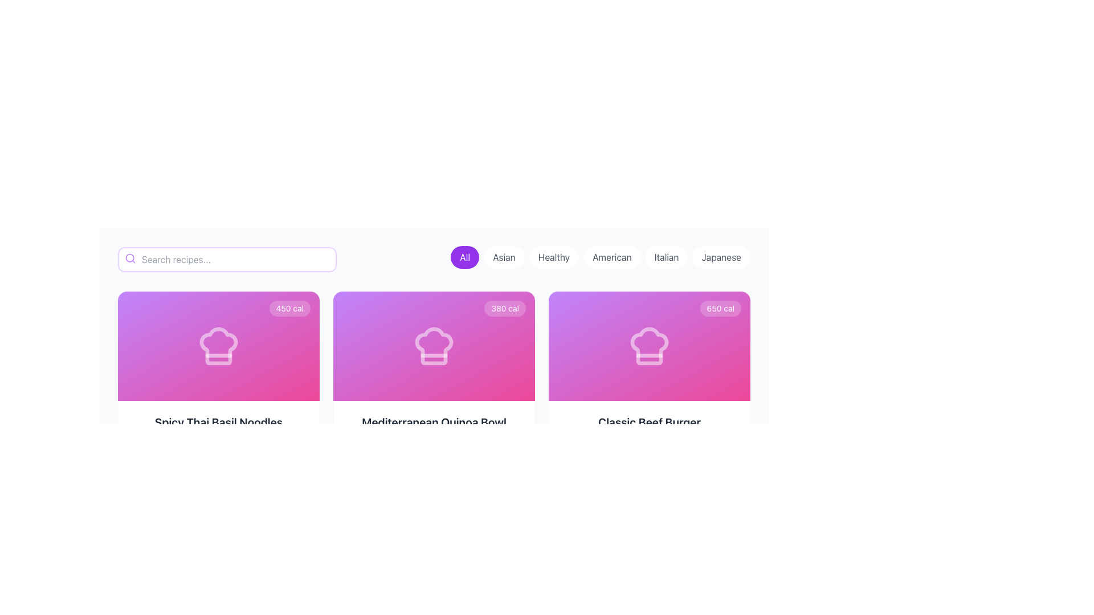 The width and height of the screenshot is (1094, 615). I want to click on the button labeled 'Italian', so click(667, 257).